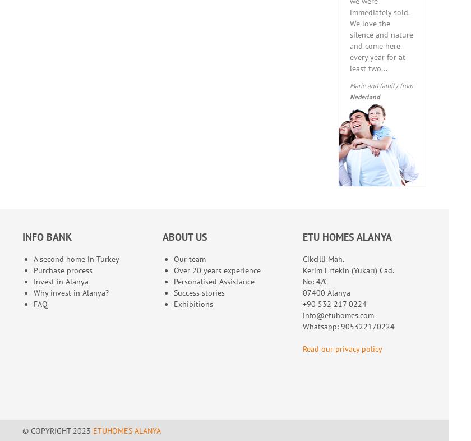 The width and height of the screenshot is (471, 441). Describe the element at coordinates (381, 84) in the screenshot. I see `'Marie and family from'` at that location.